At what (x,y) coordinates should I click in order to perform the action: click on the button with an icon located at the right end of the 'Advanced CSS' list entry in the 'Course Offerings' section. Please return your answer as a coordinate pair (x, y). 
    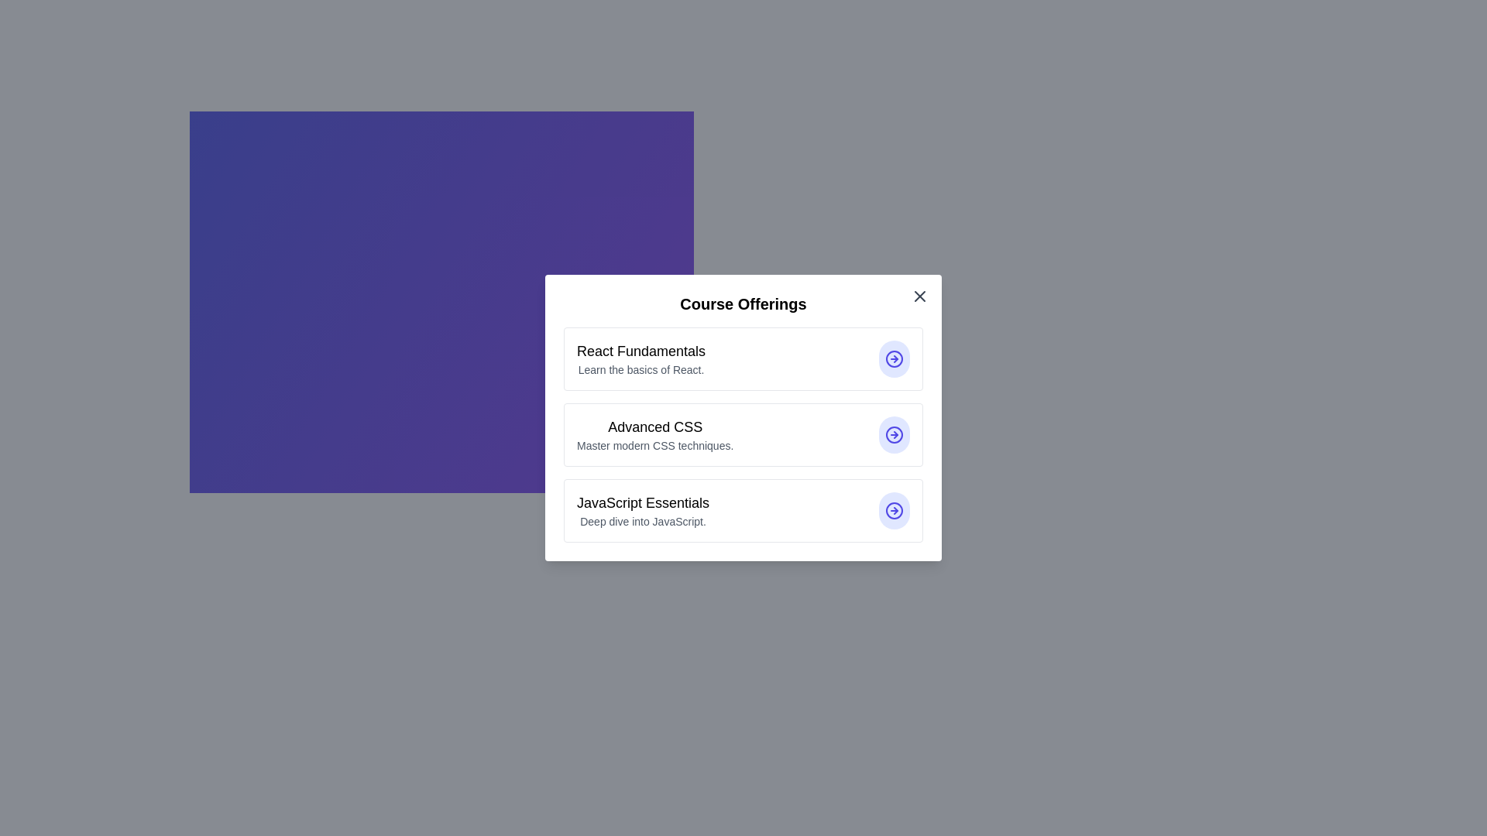
    Looking at the image, I should click on (895, 435).